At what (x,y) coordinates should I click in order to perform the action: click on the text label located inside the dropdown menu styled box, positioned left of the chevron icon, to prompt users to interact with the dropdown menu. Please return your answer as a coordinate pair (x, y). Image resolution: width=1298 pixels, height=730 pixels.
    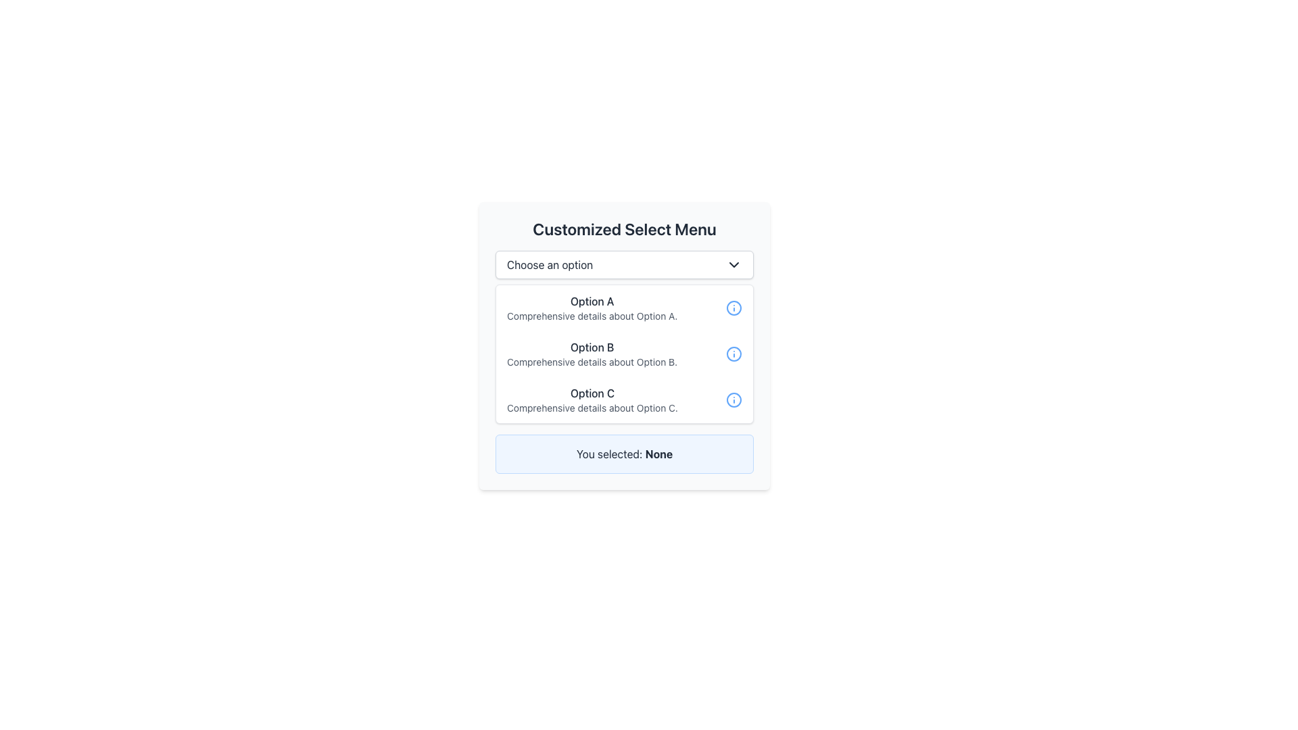
    Looking at the image, I should click on (550, 265).